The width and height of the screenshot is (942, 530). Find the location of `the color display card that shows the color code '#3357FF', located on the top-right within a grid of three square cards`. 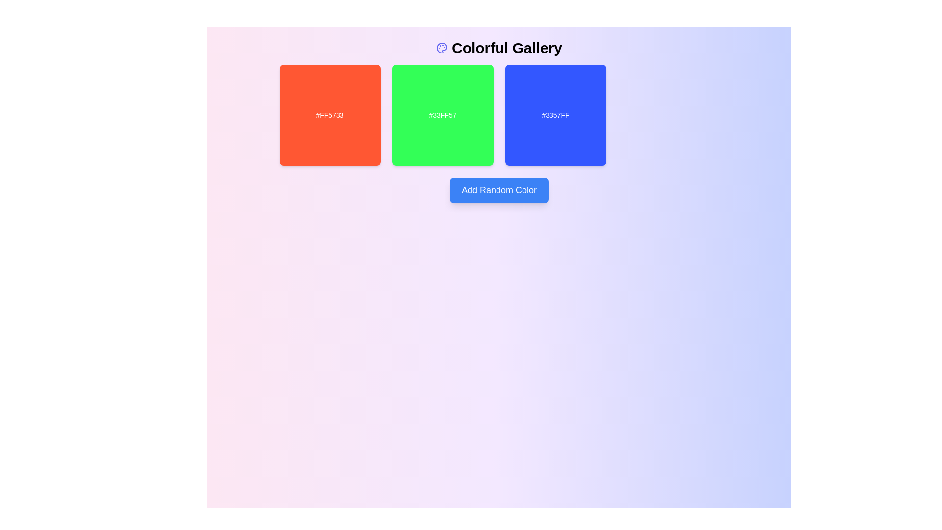

the color display card that shows the color code '#3357FF', located on the top-right within a grid of three square cards is located at coordinates (555, 115).